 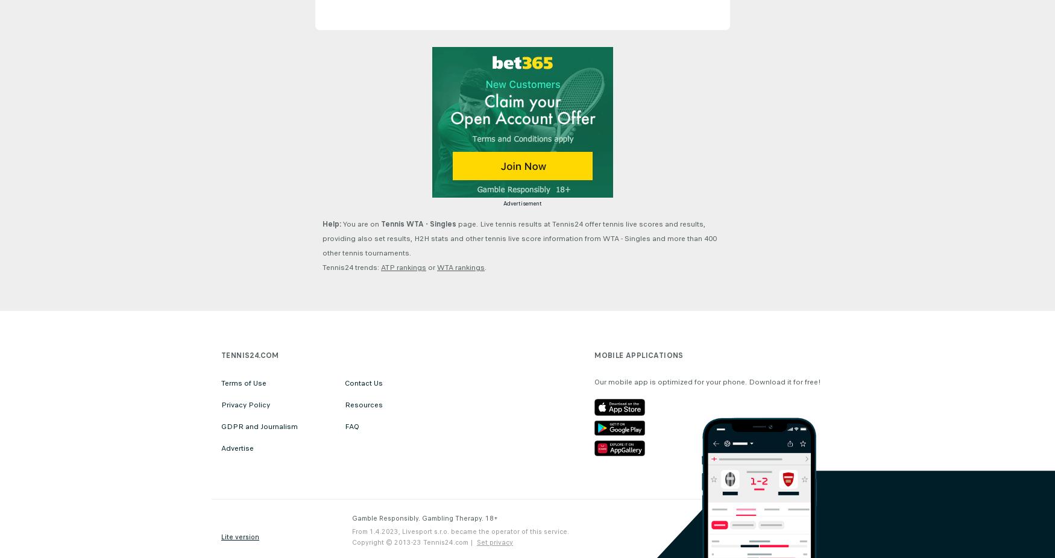 What do you see at coordinates (418, 224) in the screenshot?
I see `'Tennis WTA - Singles'` at bounding box center [418, 224].